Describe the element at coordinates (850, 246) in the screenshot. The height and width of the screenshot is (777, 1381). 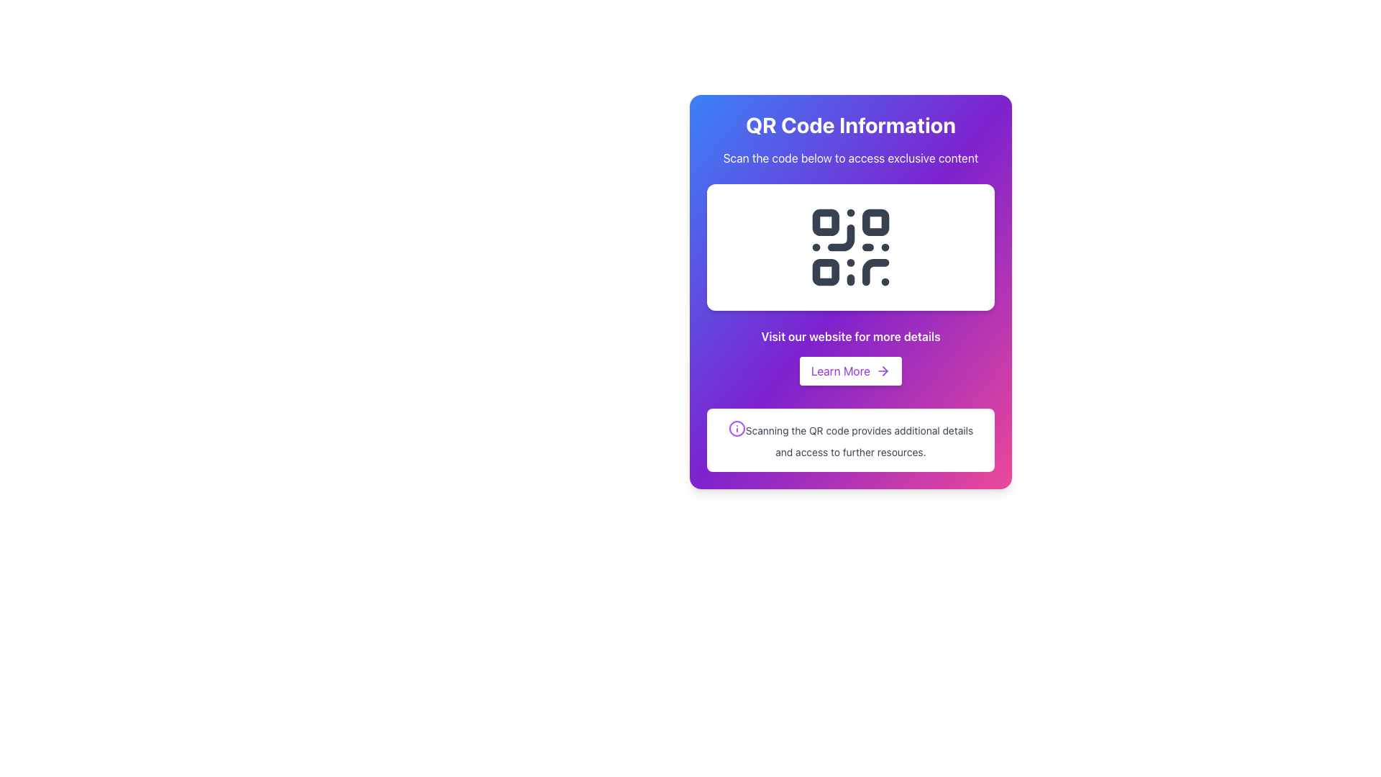
I see `the QR Code Graphic` at that location.